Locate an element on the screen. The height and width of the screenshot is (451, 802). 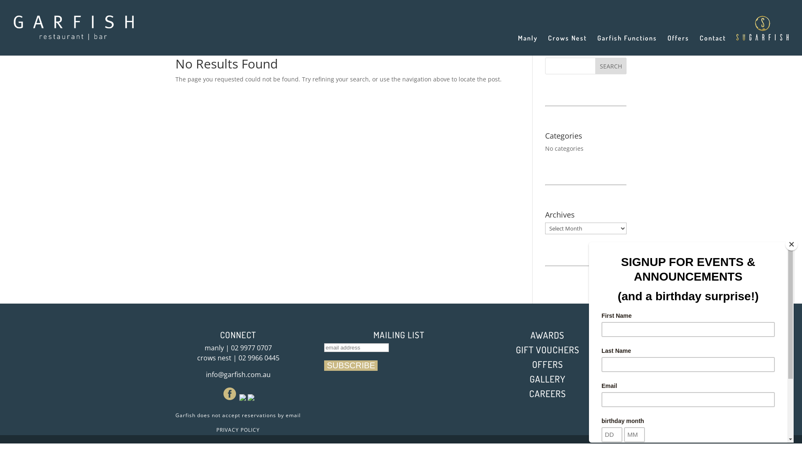
'info@garfish.com.au' is located at coordinates (237, 374).